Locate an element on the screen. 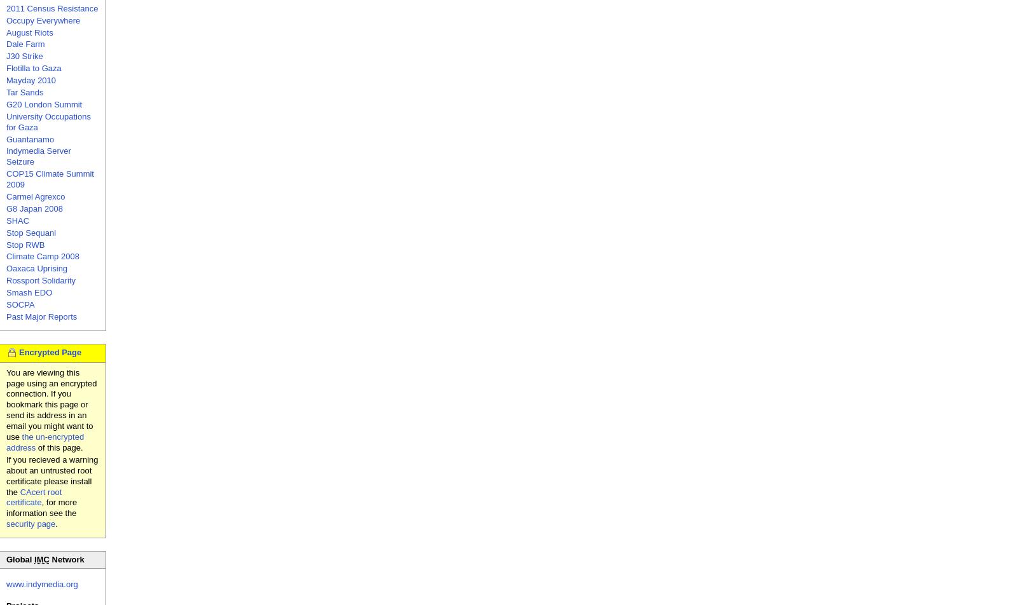  'J30 Strike' is located at coordinates (24, 56).